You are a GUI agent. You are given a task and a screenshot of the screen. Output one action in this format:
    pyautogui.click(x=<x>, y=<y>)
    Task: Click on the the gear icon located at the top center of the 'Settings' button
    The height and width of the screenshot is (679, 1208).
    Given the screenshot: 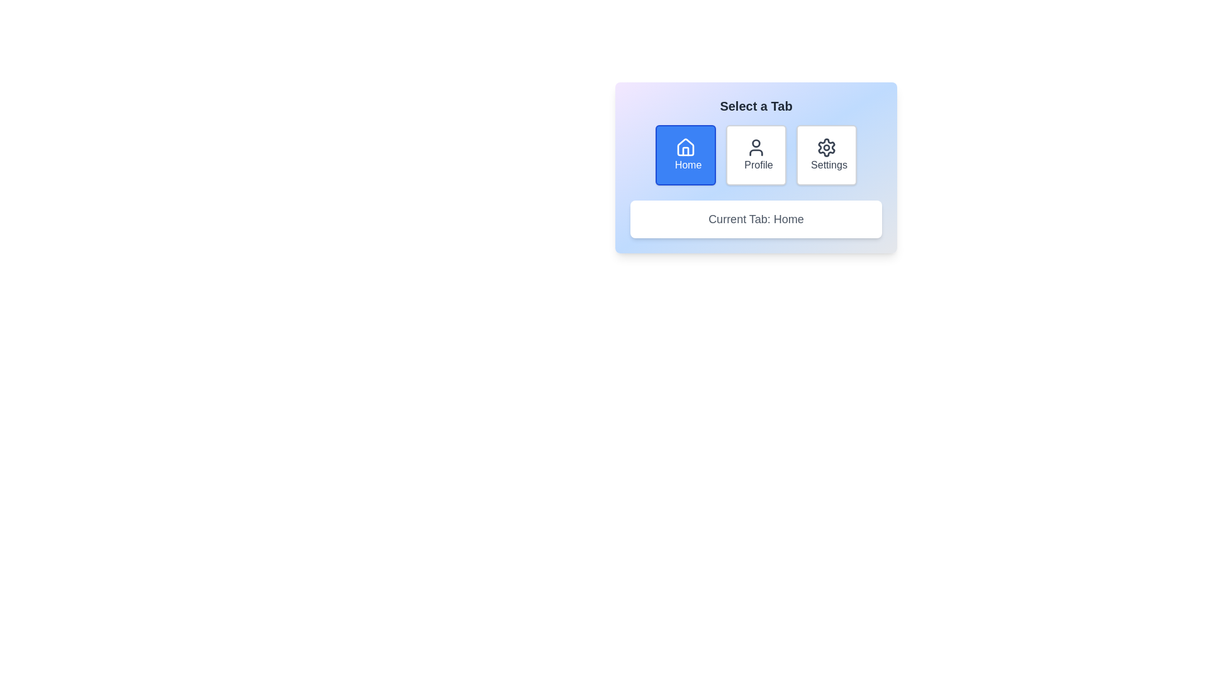 What is the action you would take?
    pyautogui.click(x=827, y=147)
    